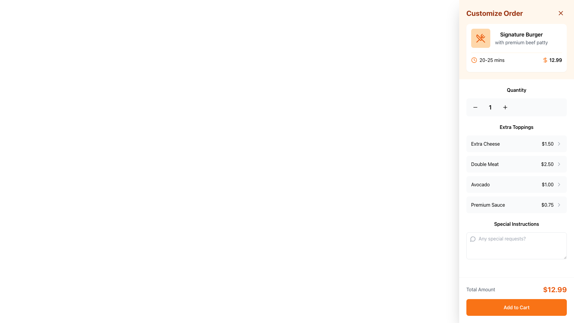 The width and height of the screenshot is (574, 323). I want to click on the 'Premium Sauce' text label, which is the first text component in the 'Extra Toppings' list under the 'Customize Order' section, so click(488, 205).